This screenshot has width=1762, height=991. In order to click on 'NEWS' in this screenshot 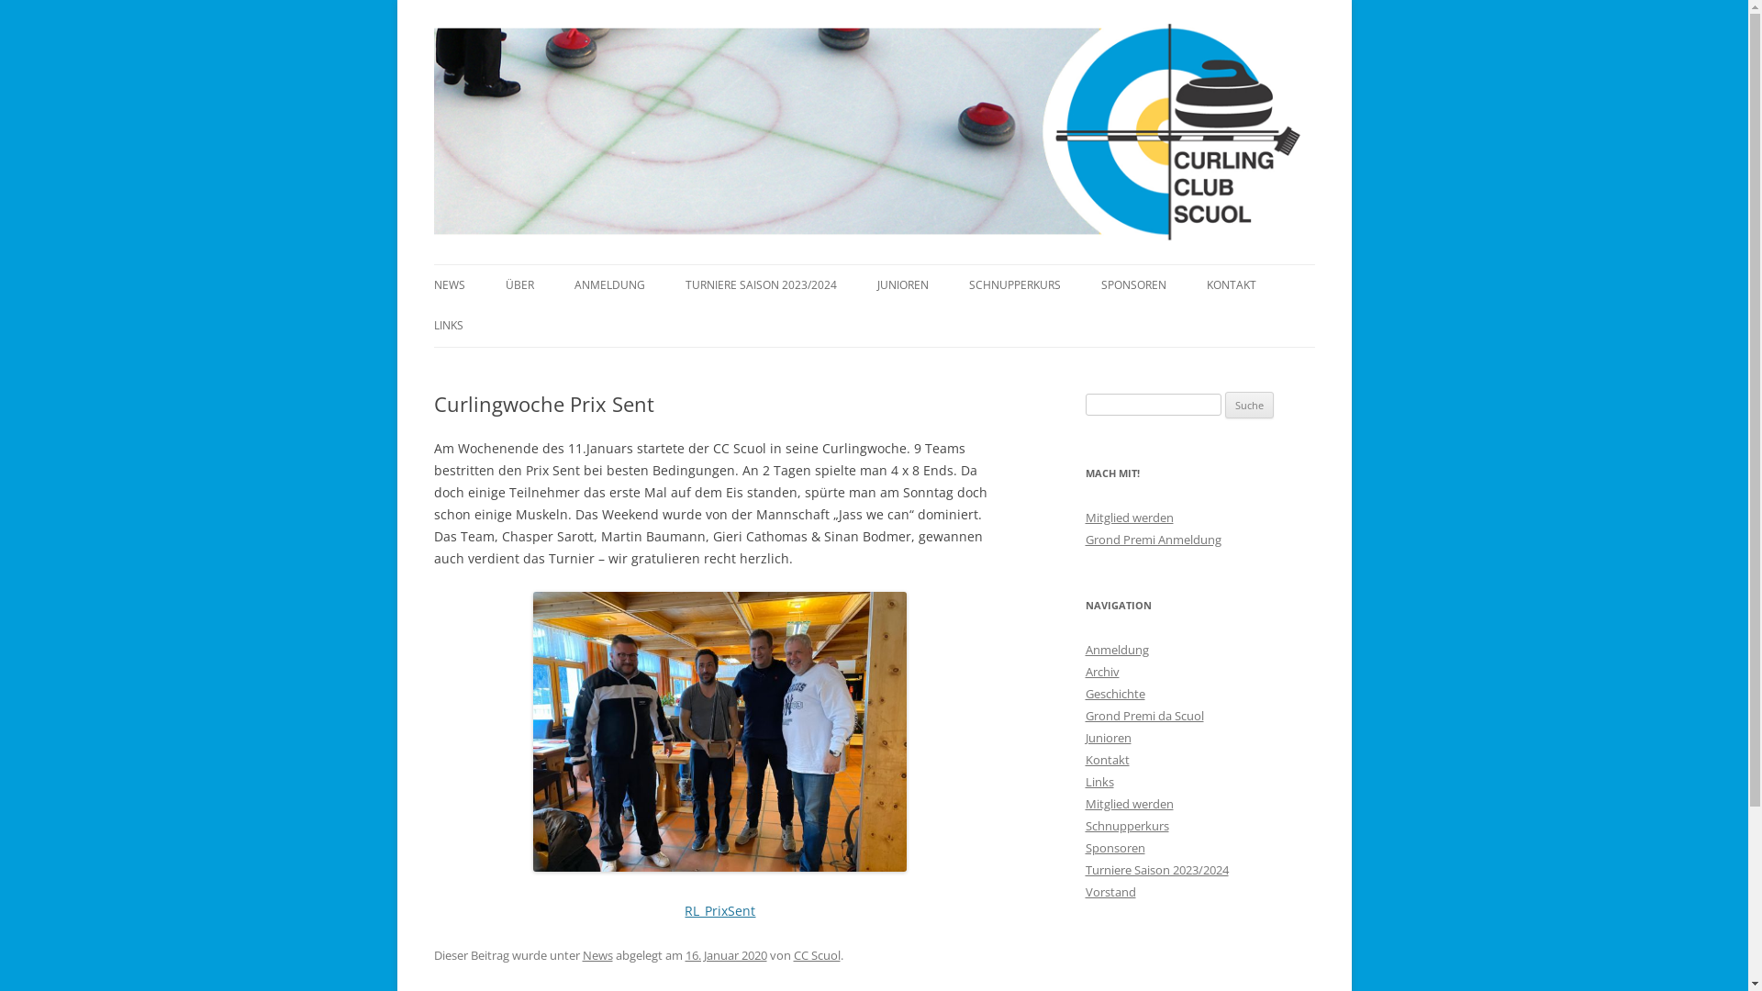, I will do `click(431, 285)`.